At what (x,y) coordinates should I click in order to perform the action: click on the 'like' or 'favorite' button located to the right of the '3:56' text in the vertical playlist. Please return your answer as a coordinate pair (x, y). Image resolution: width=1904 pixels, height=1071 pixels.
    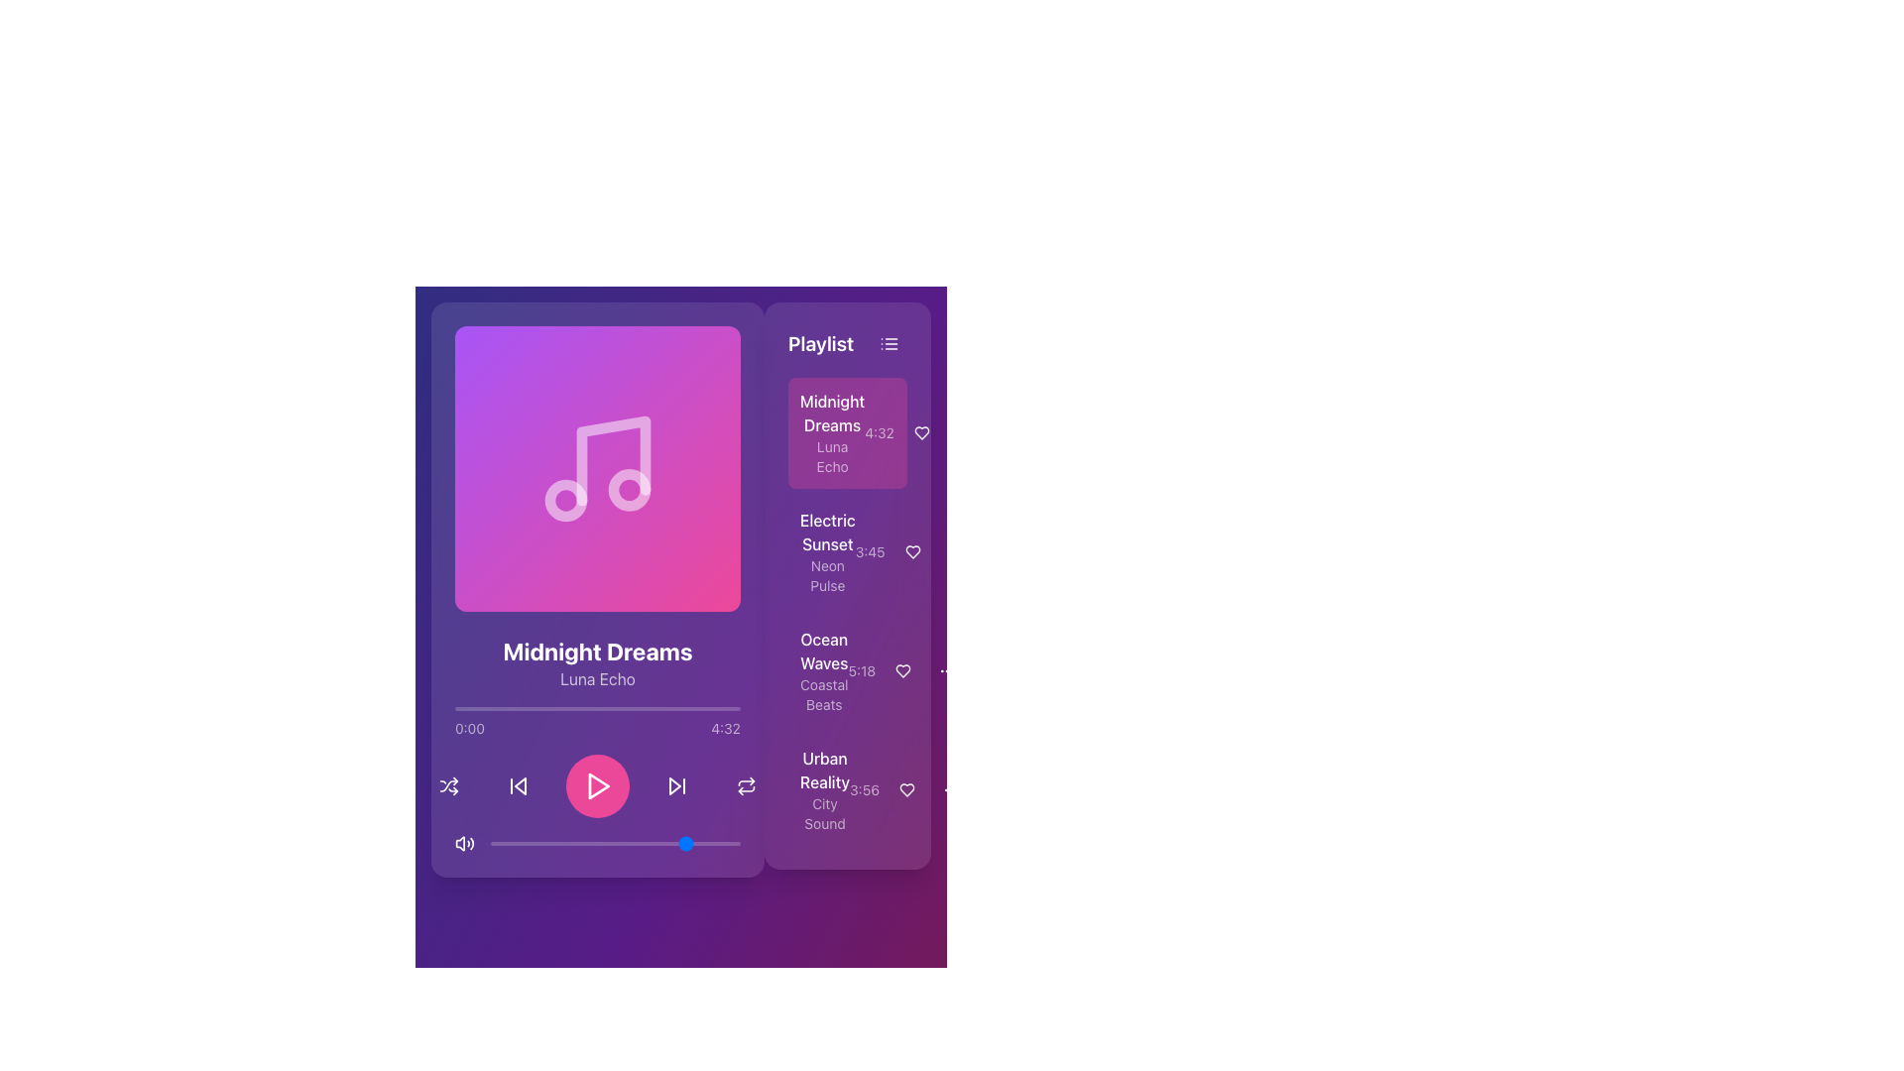
    Looking at the image, I should click on (906, 789).